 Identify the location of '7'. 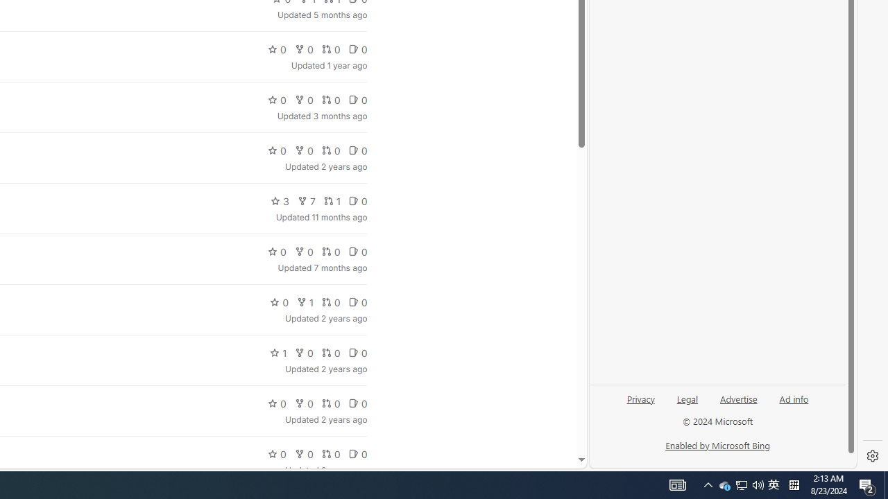
(305, 201).